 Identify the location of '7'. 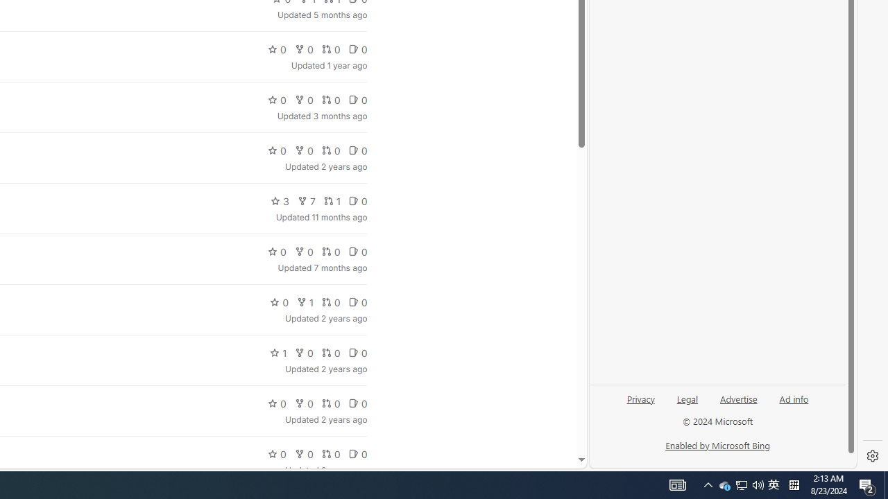
(305, 201).